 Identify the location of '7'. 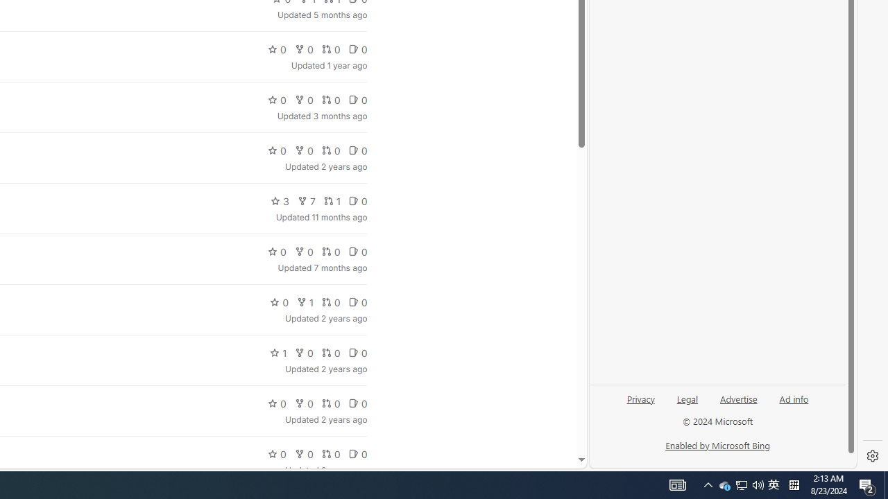
(305, 201).